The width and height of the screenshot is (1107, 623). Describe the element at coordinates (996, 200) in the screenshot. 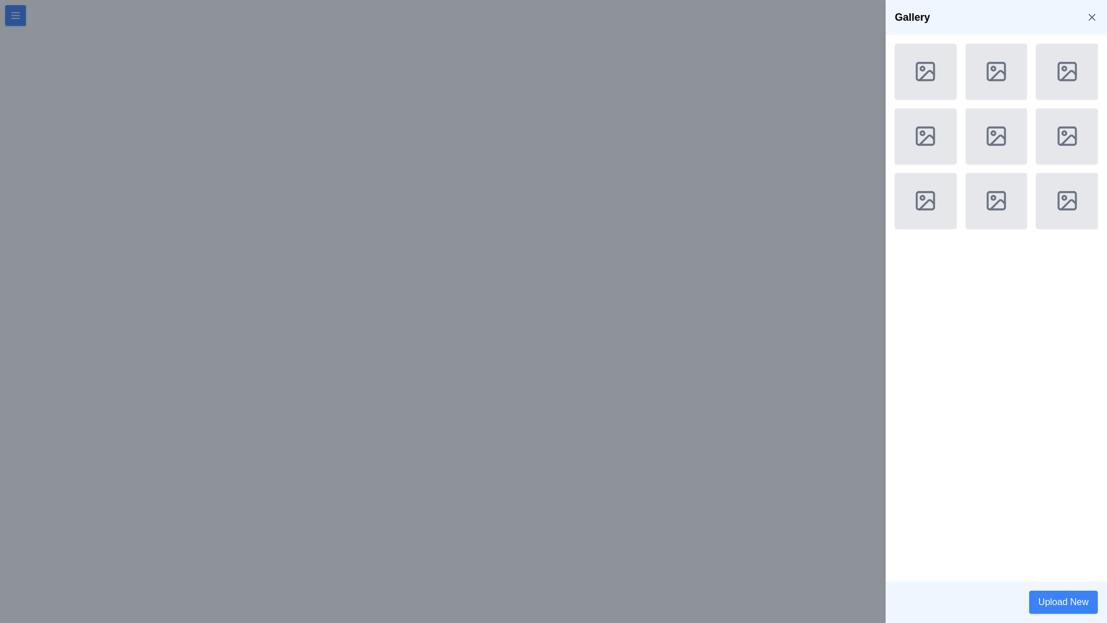

I see `the Card component located in the last row and middle column of the gallery grid` at that location.